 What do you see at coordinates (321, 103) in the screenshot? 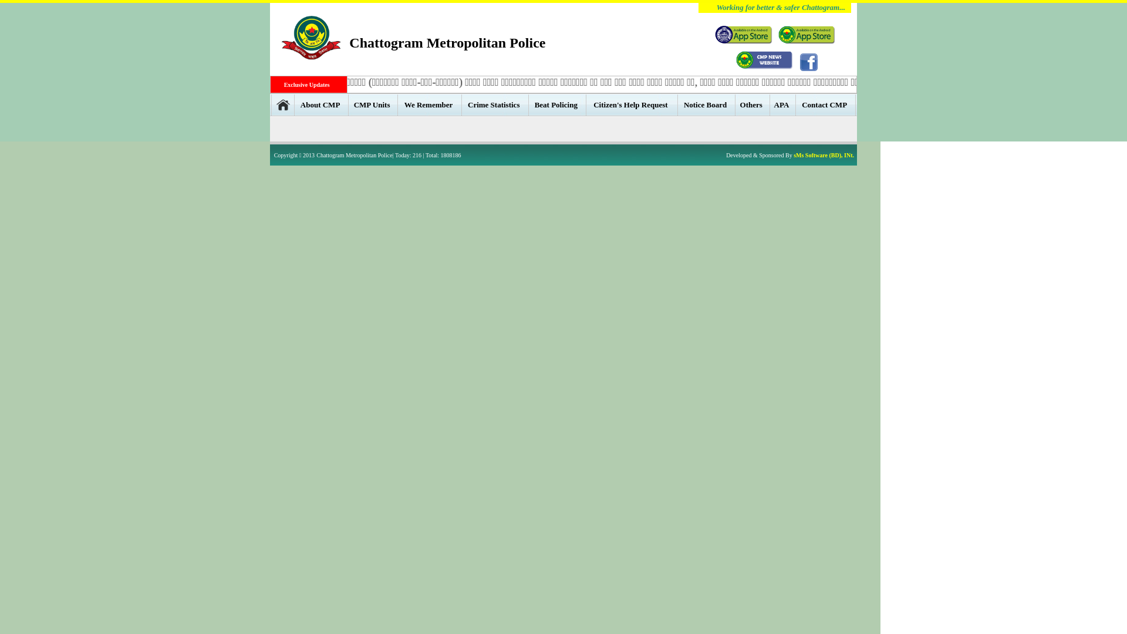
I see `'About CMP'` at bounding box center [321, 103].